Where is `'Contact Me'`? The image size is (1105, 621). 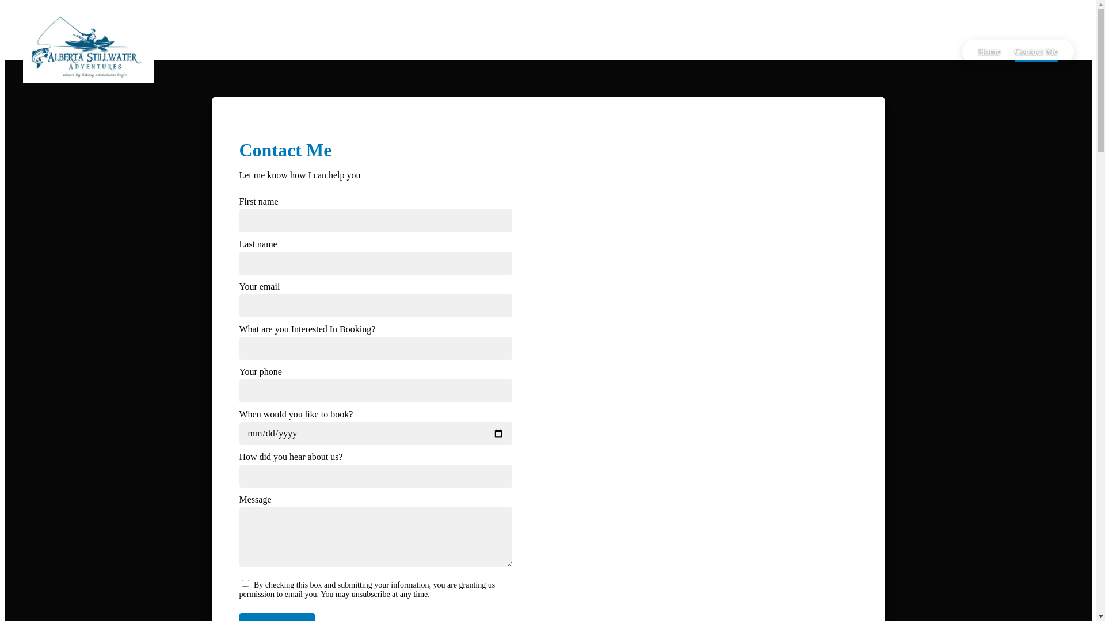 'Contact Me' is located at coordinates (1007, 51).